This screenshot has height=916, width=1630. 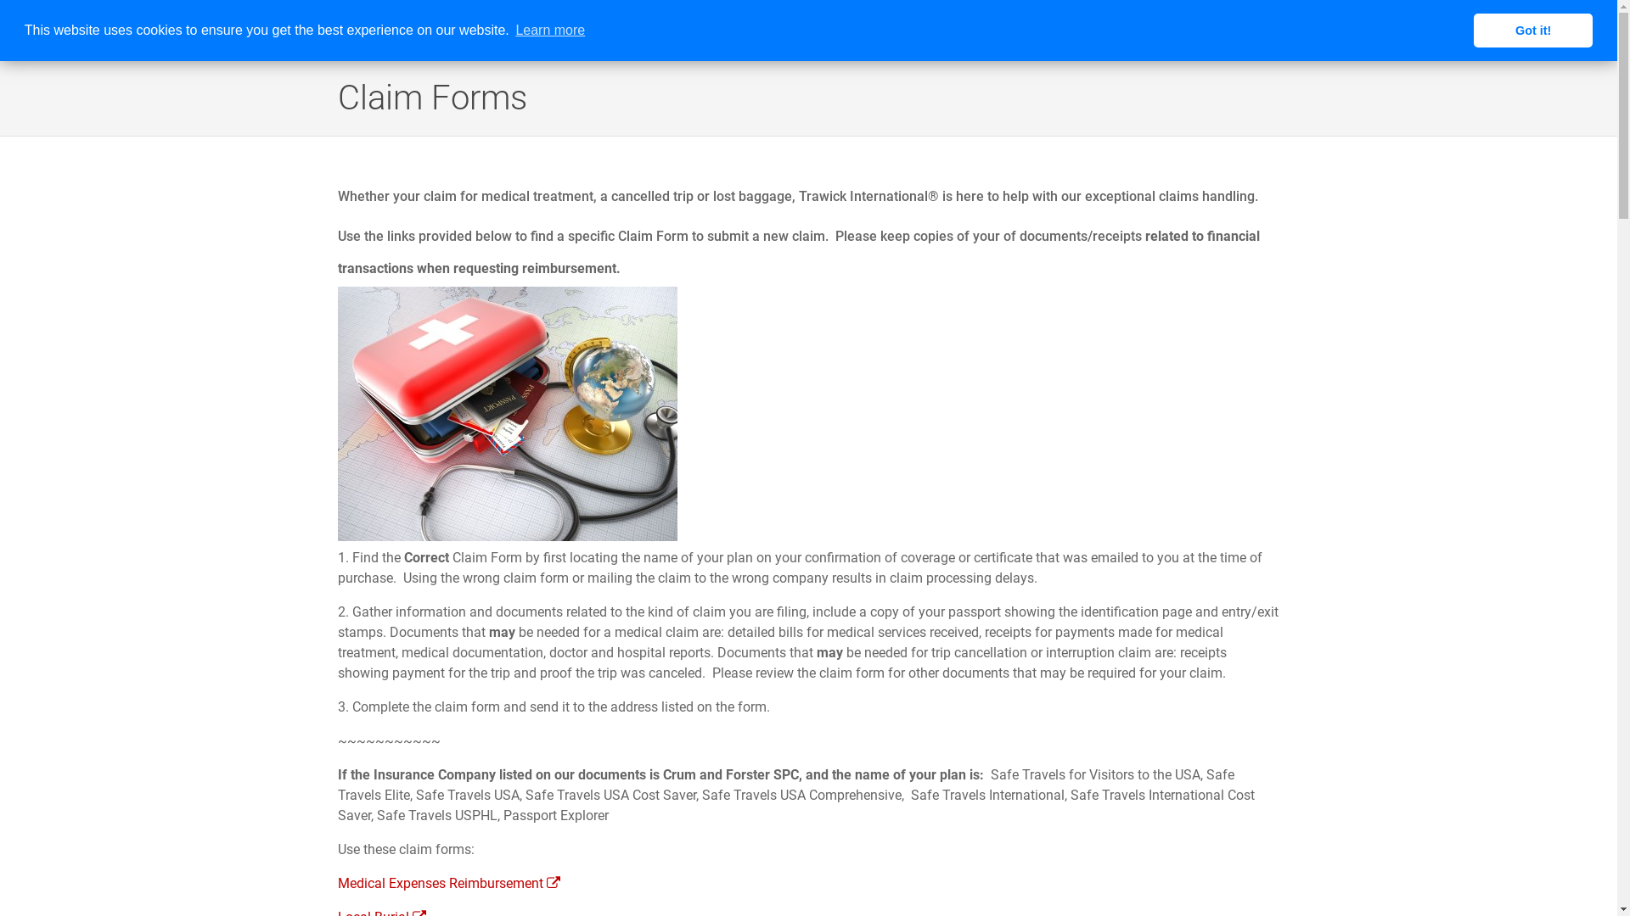 What do you see at coordinates (929, 30) in the screenshot?
I see `'Travel Insurance Plans'` at bounding box center [929, 30].